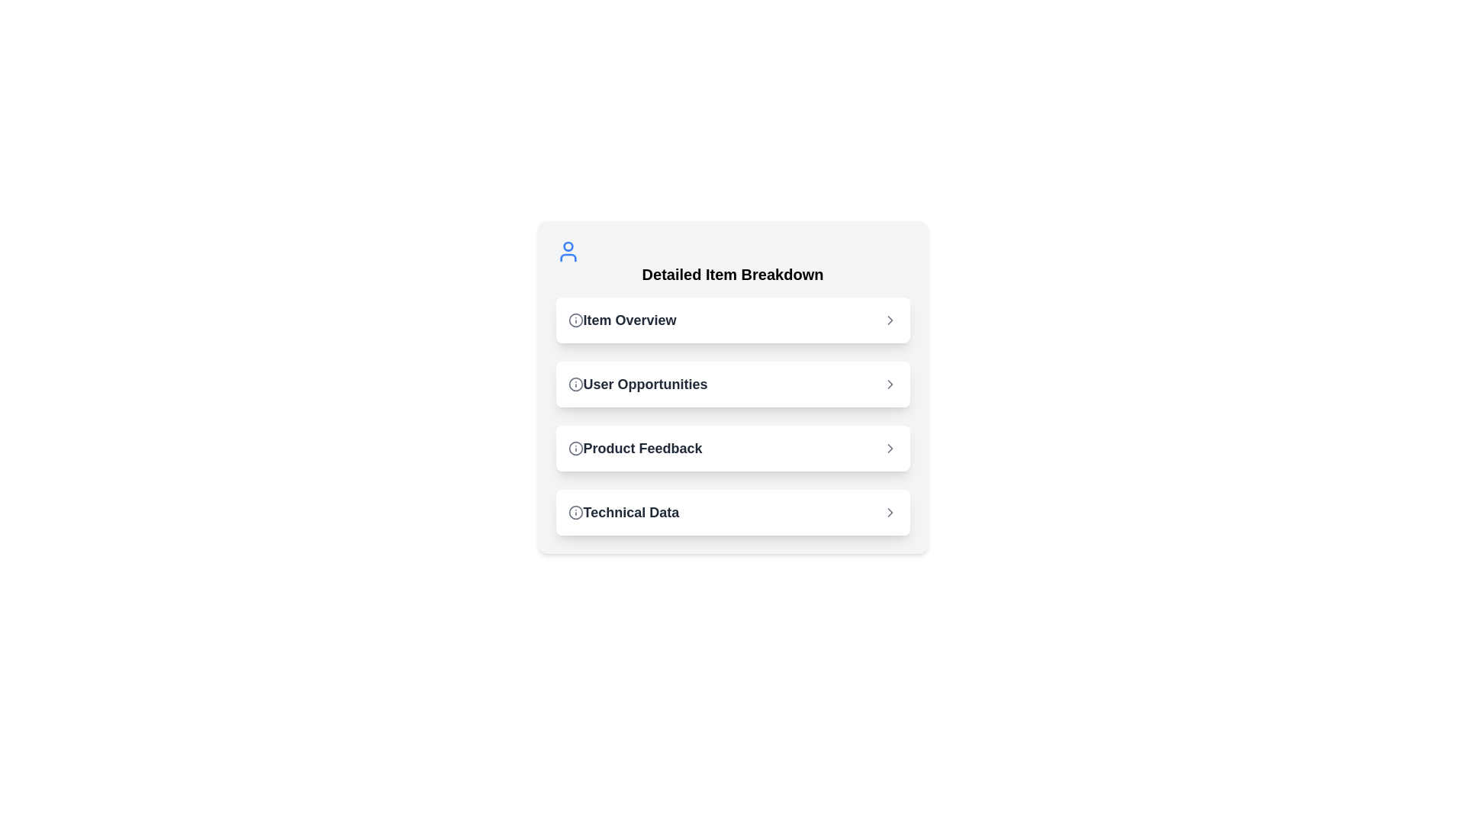 The width and height of the screenshot is (1465, 824). What do you see at coordinates (575, 447) in the screenshot?
I see `the informational icon located to the left of the 'Product Feedback' text in the 'Detailed Item Breakdown' section` at bounding box center [575, 447].